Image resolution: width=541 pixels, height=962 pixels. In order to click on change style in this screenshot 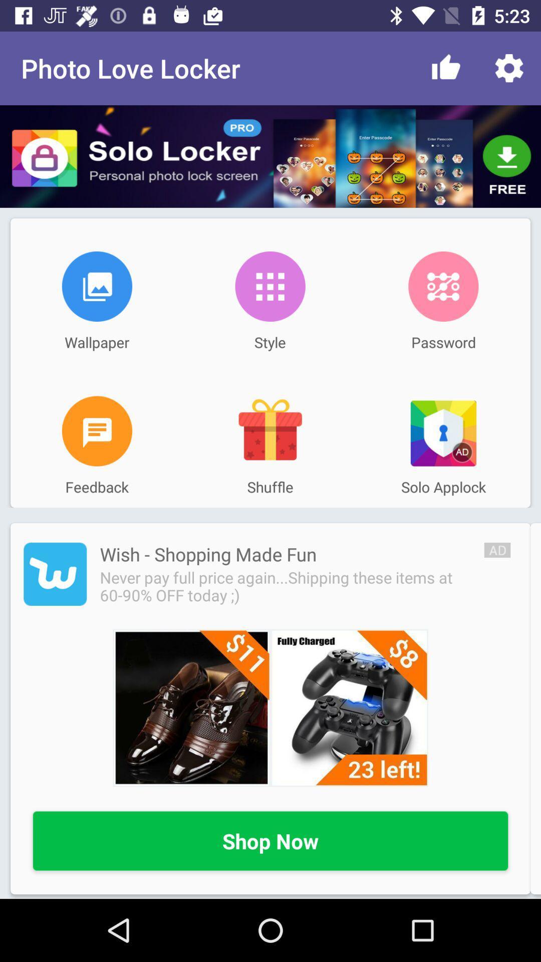, I will do `click(269, 286)`.